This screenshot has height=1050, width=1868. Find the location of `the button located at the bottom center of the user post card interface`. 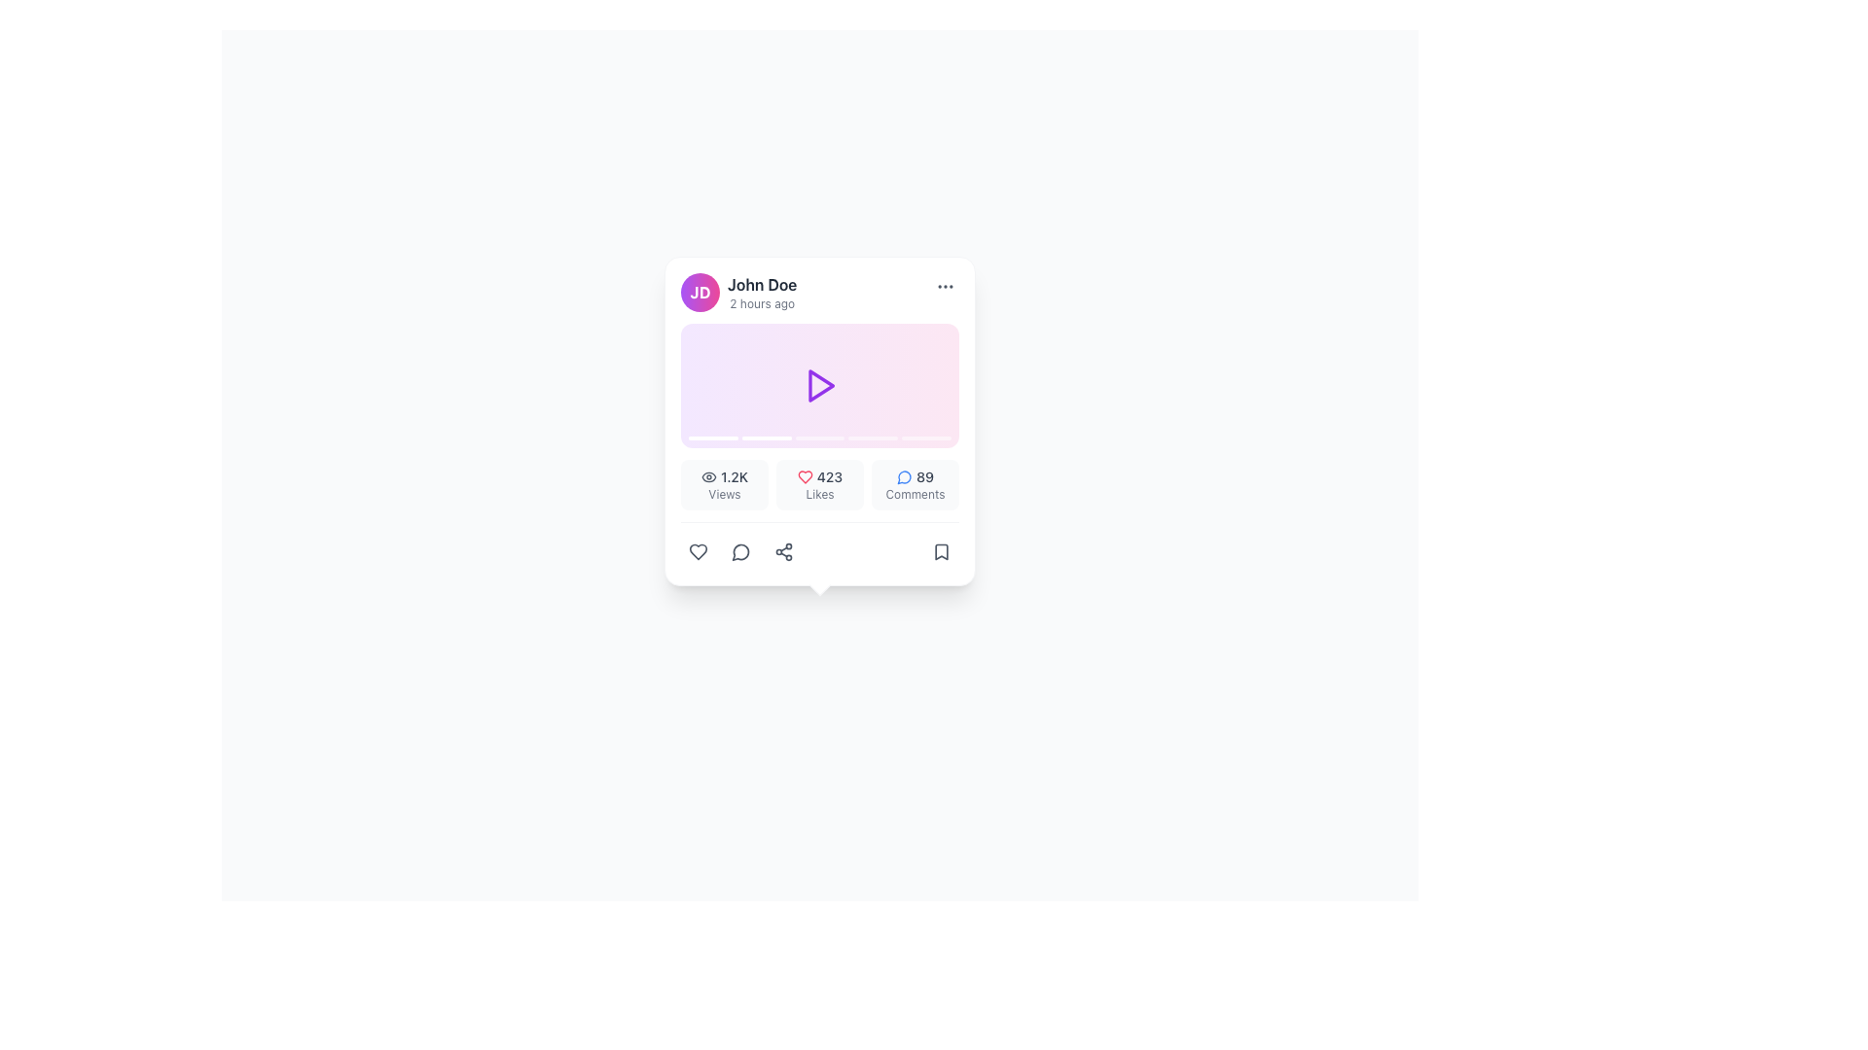

the button located at the bottom center of the user post card interface is located at coordinates (820, 554).